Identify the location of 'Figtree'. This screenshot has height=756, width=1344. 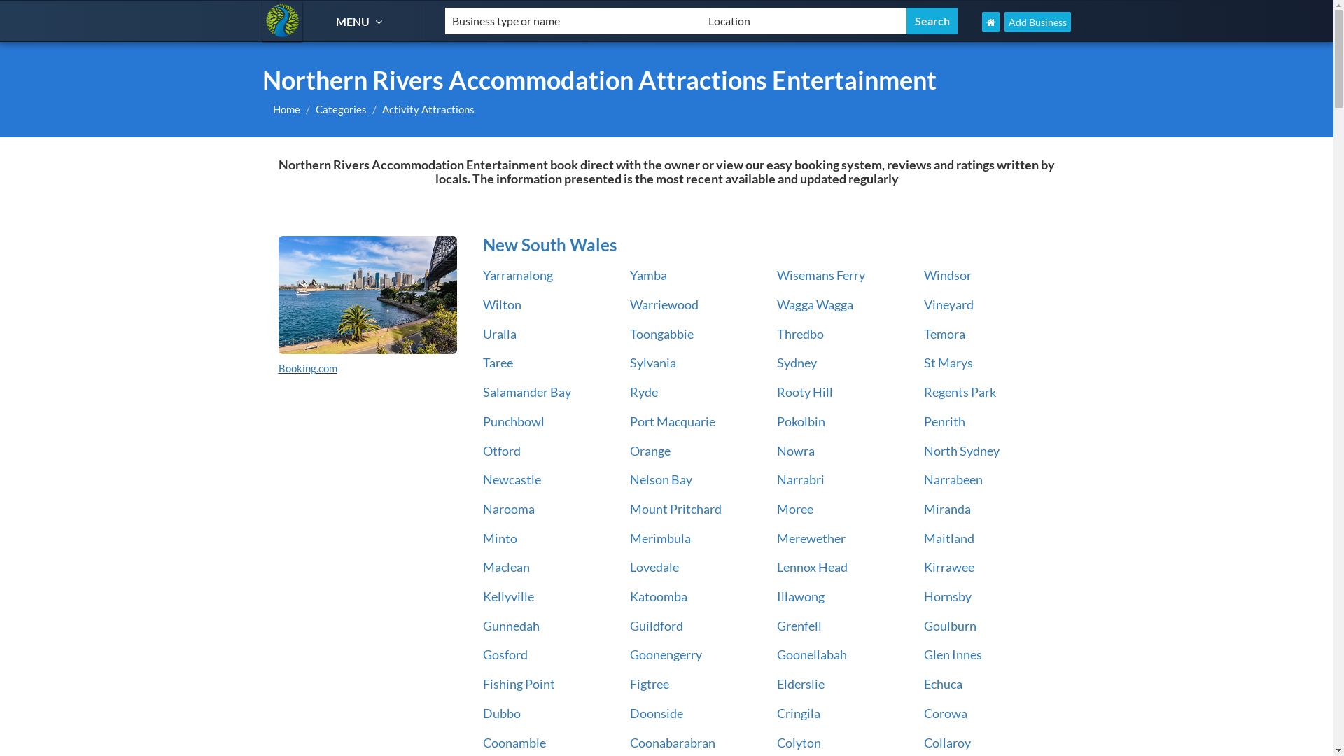
(648, 682).